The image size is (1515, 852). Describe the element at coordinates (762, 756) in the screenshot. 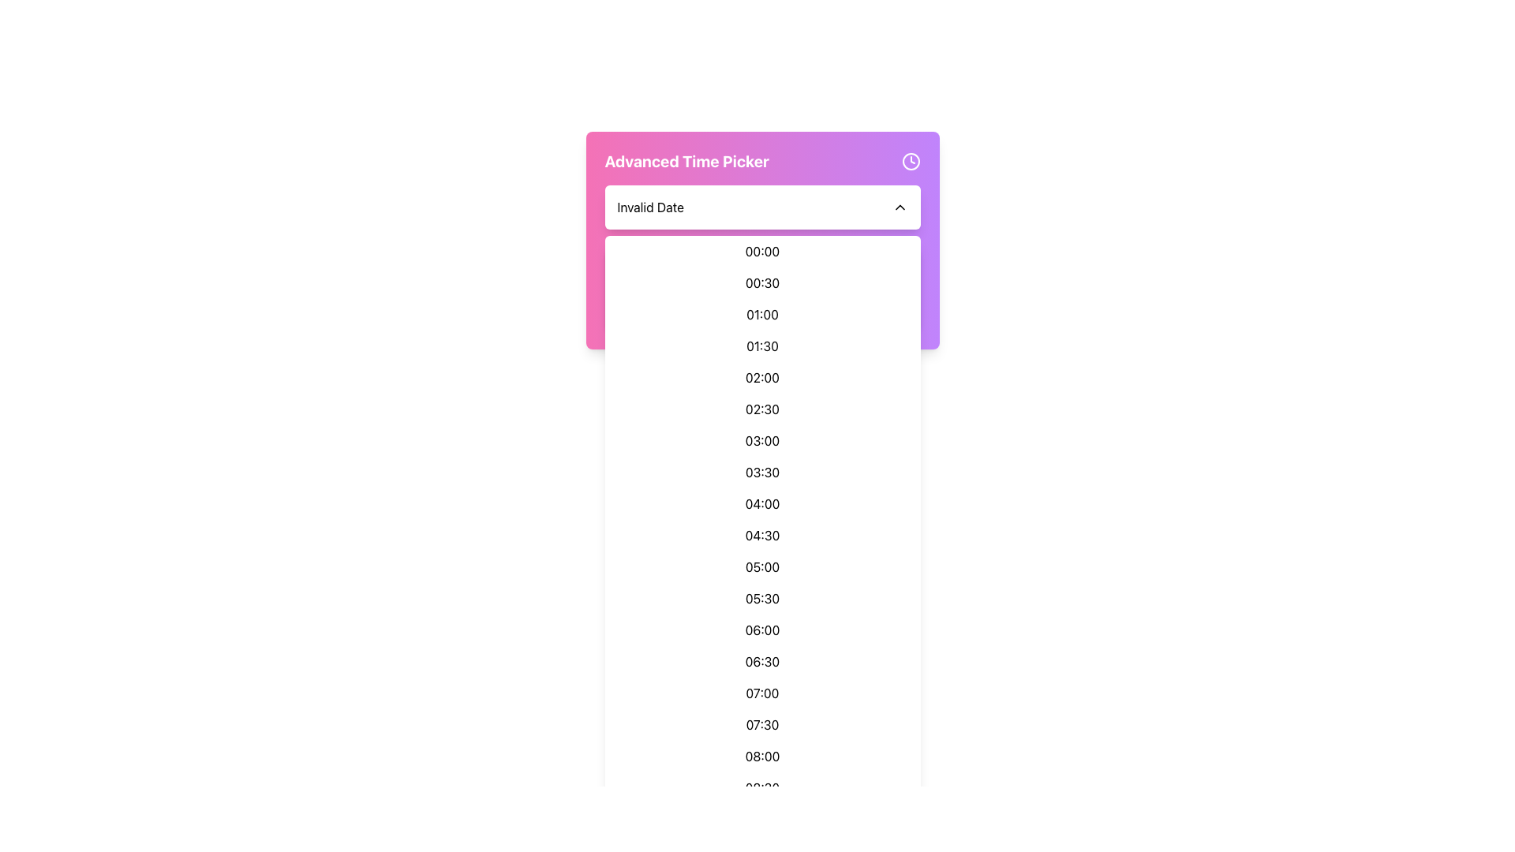

I see `the 17th list item representing the '08:00' time option in the dropdown` at that location.